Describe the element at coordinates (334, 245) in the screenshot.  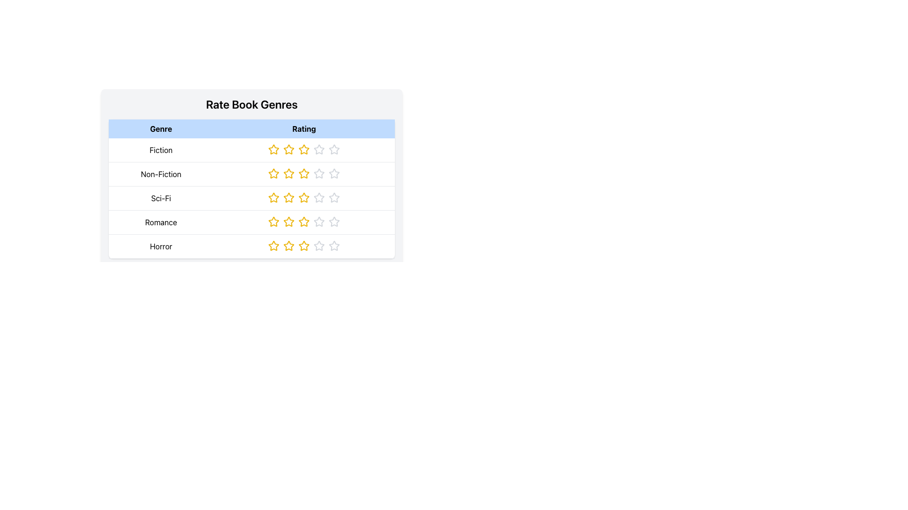
I see `the fifth rating star in the 'Horror' row of the 'Rate Book Genres' table` at that location.